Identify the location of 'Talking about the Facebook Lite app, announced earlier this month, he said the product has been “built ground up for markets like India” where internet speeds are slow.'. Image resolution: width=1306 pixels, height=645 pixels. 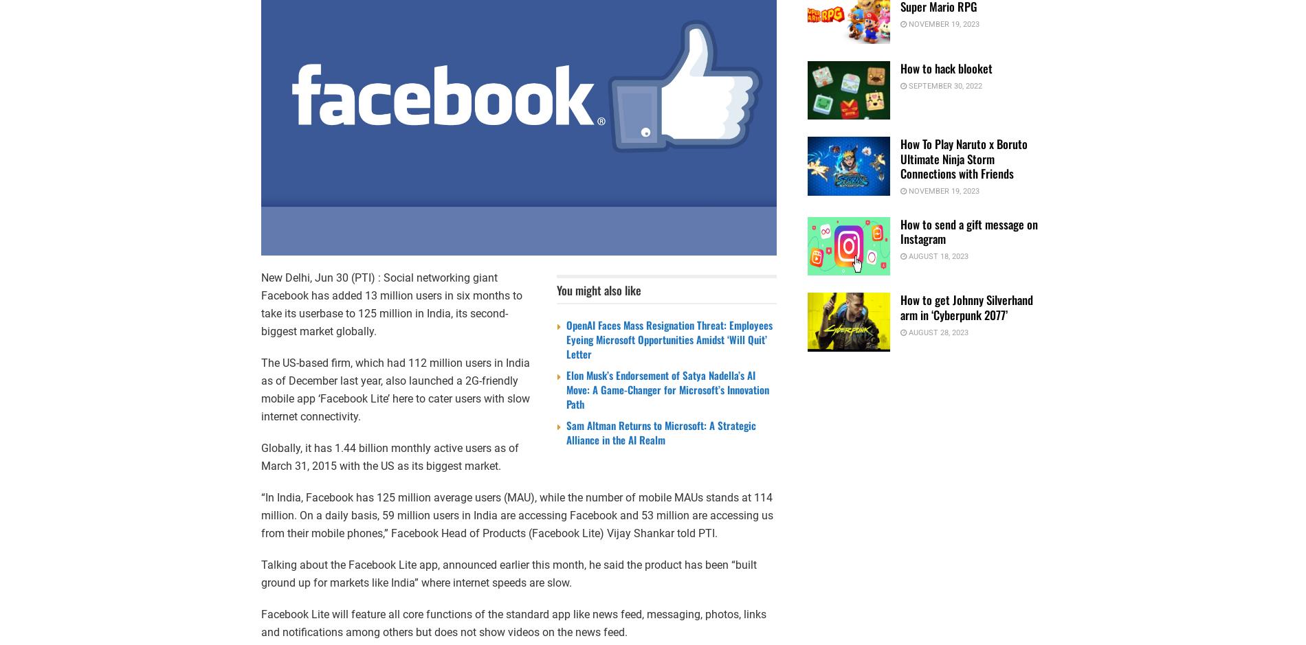
(261, 573).